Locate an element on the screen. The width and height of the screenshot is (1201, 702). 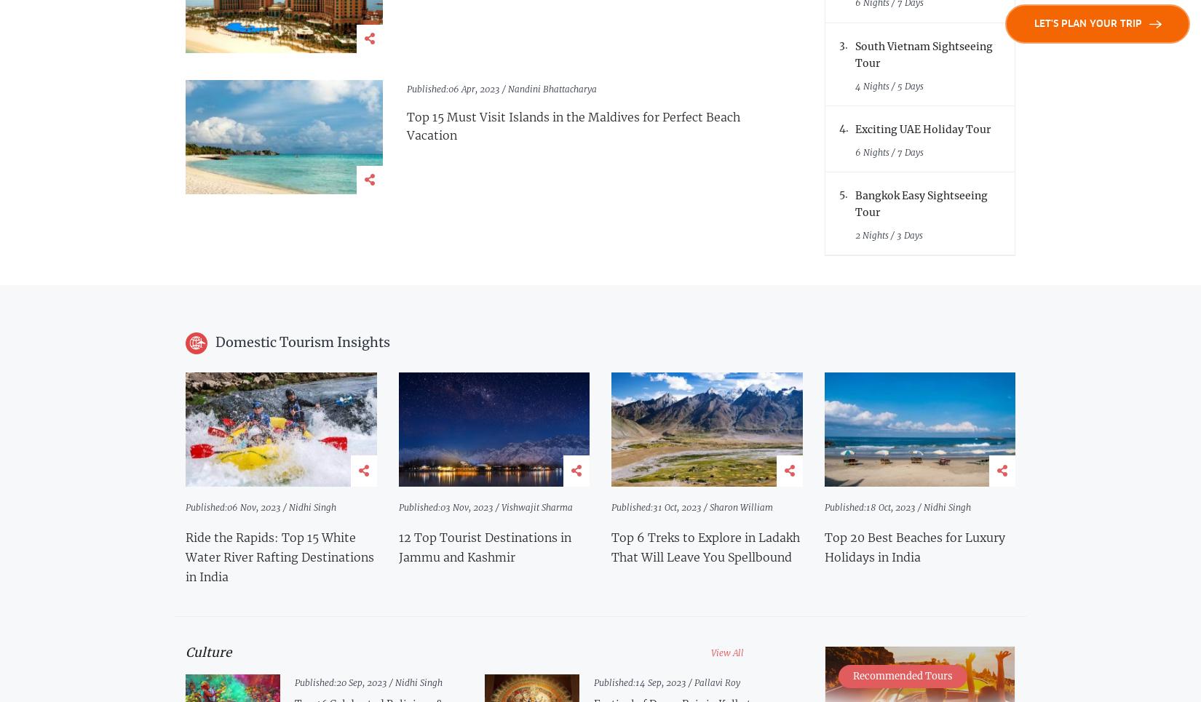
'Top 6 Treks to Explore in Ladakh That Will Leave You Spellbound' is located at coordinates (705, 546).